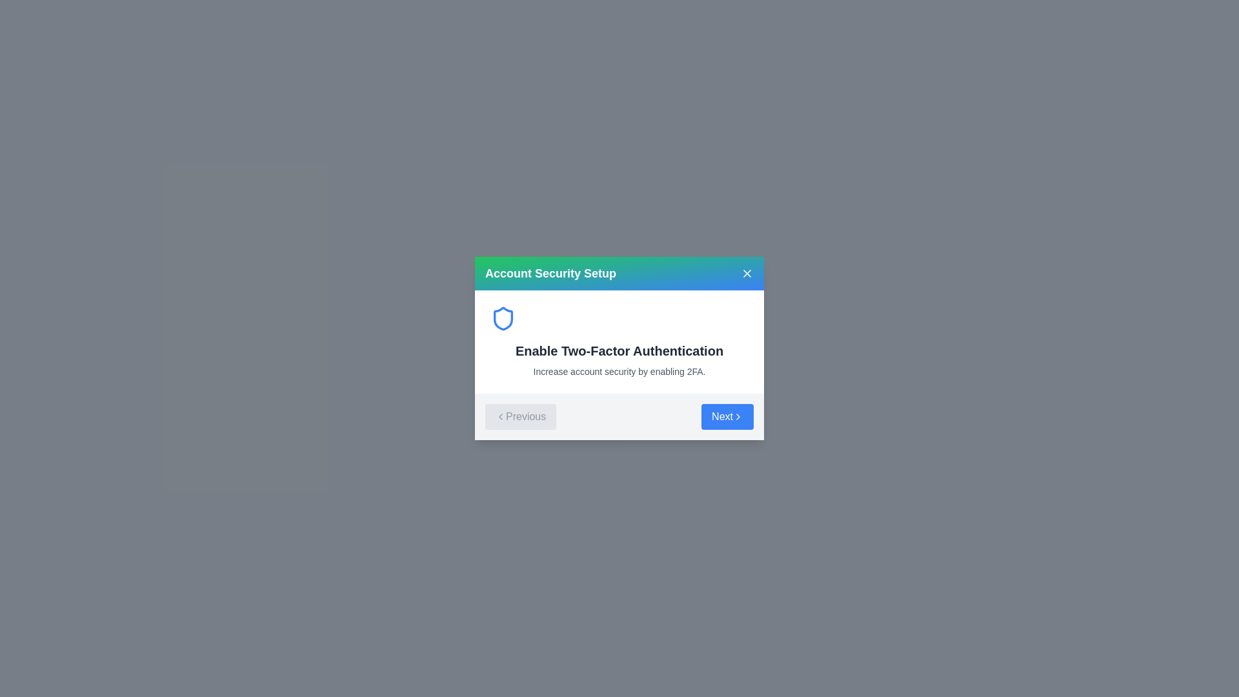  Describe the element at coordinates (738, 416) in the screenshot. I see `the rightward-pointing chevron icon located at the far-right side of the 'Next' button, which is styled in white on a blue background` at that location.